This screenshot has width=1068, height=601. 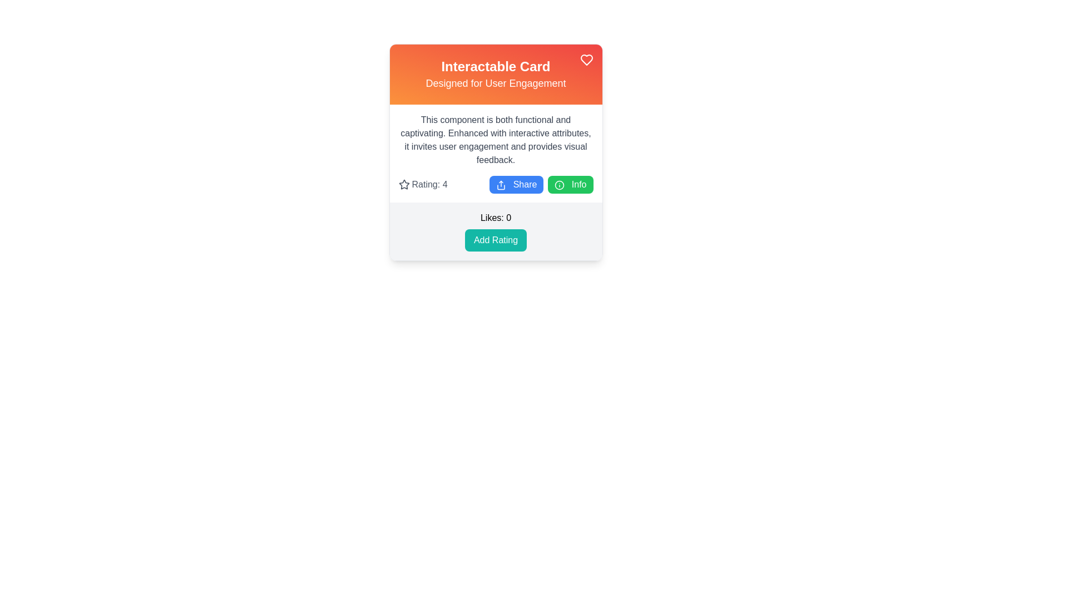 What do you see at coordinates (586, 60) in the screenshot?
I see `the heart-shaped icon with a red fill` at bounding box center [586, 60].